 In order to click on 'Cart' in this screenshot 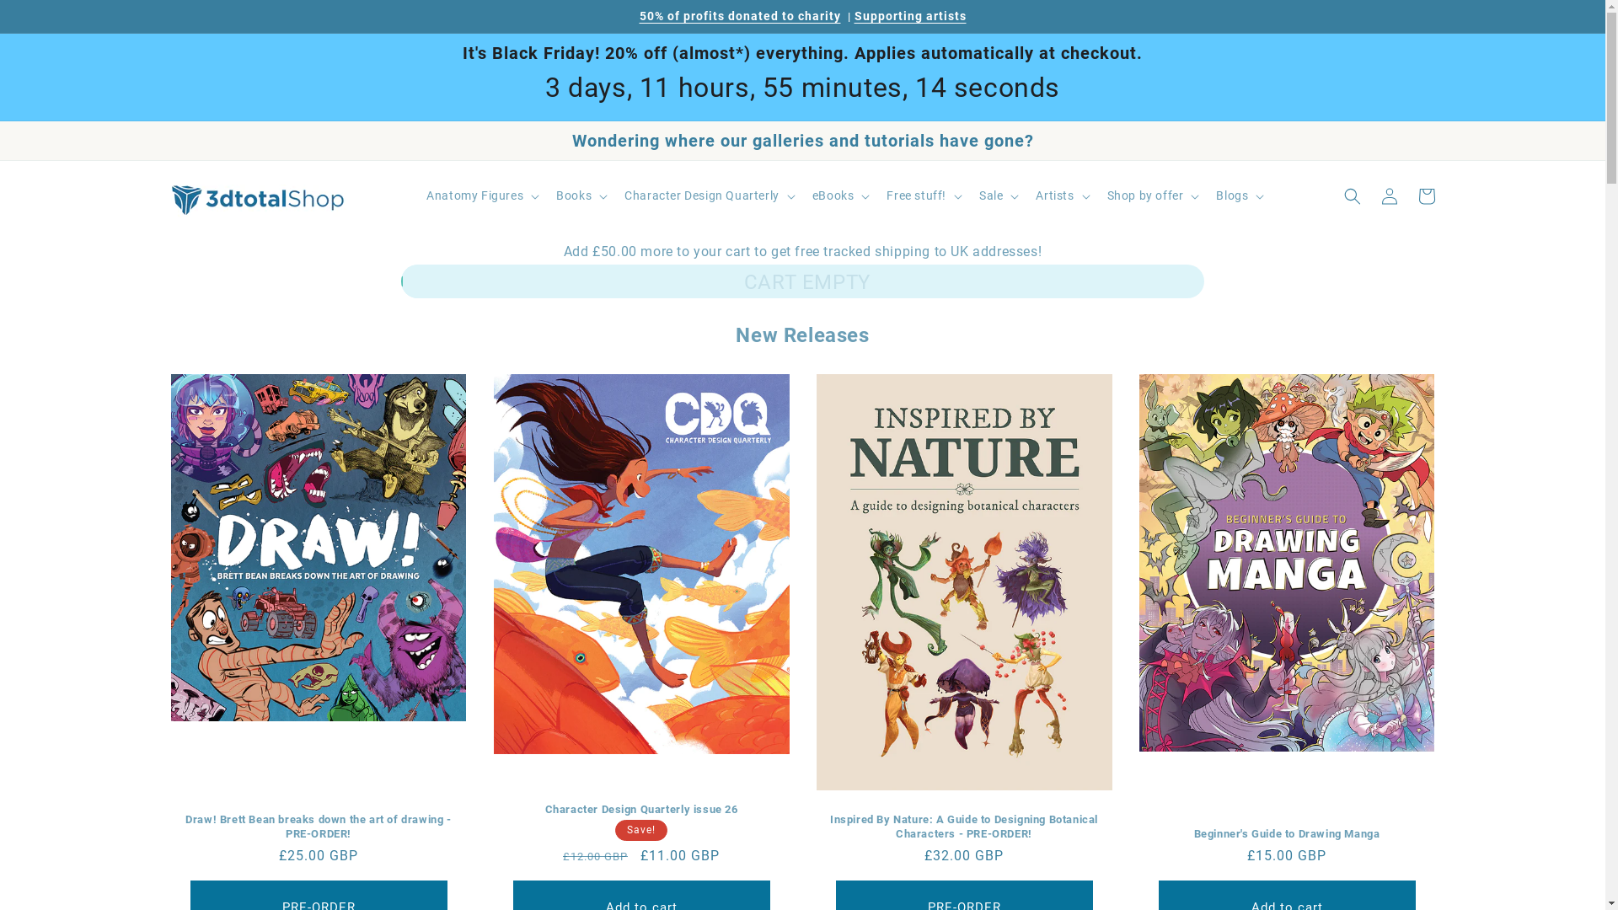, I will do `click(1424, 195)`.